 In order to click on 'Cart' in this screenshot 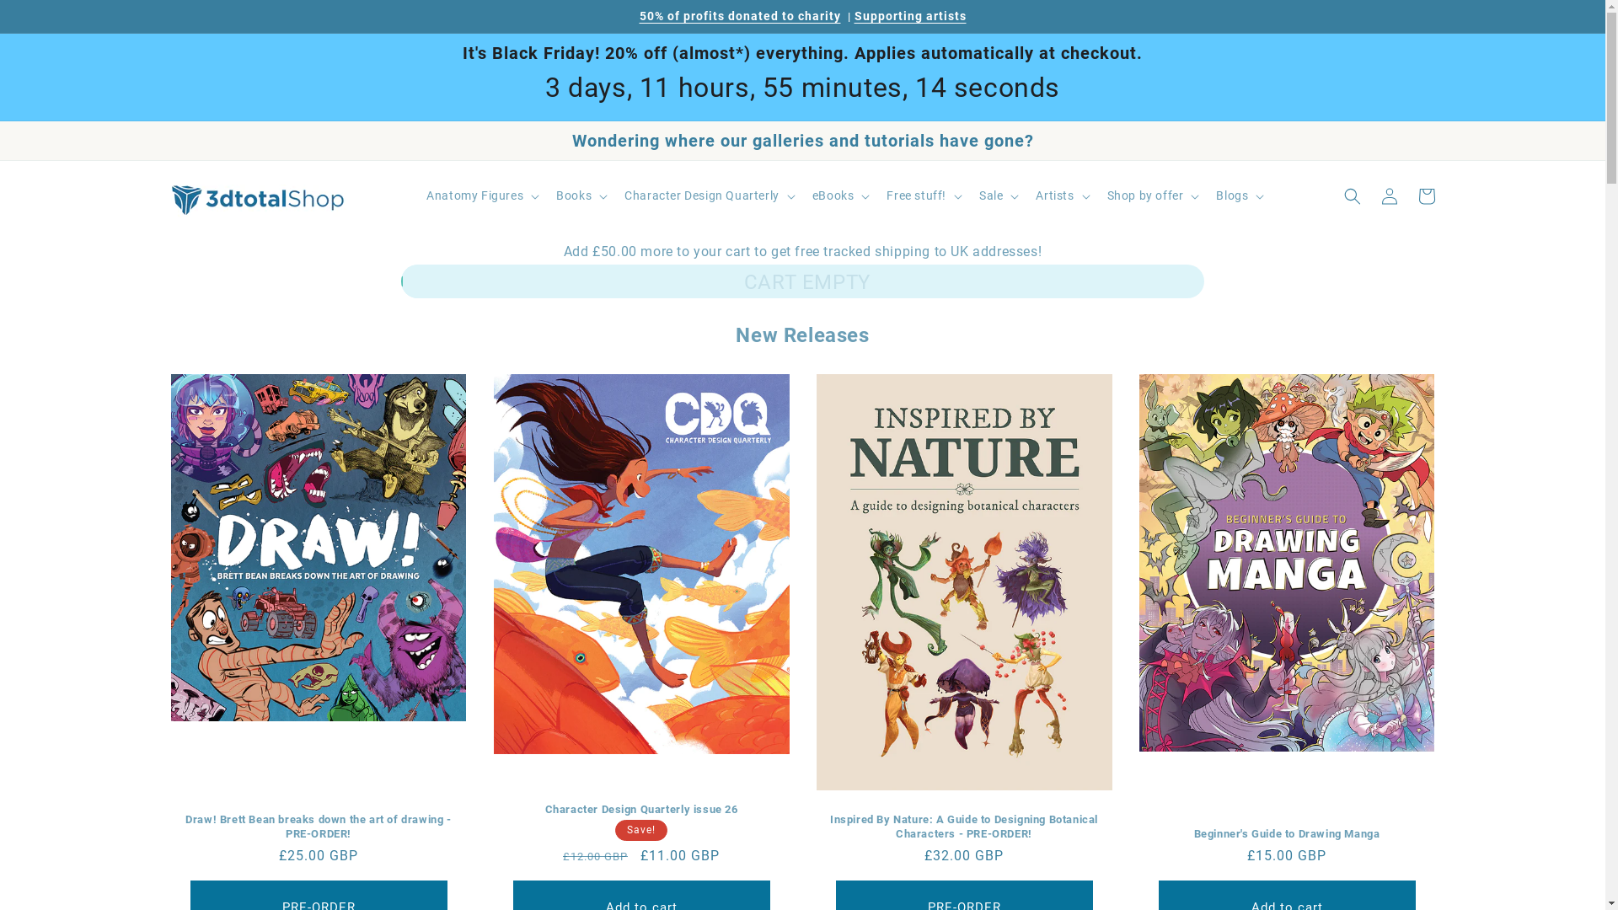, I will do `click(1424, 195)`.